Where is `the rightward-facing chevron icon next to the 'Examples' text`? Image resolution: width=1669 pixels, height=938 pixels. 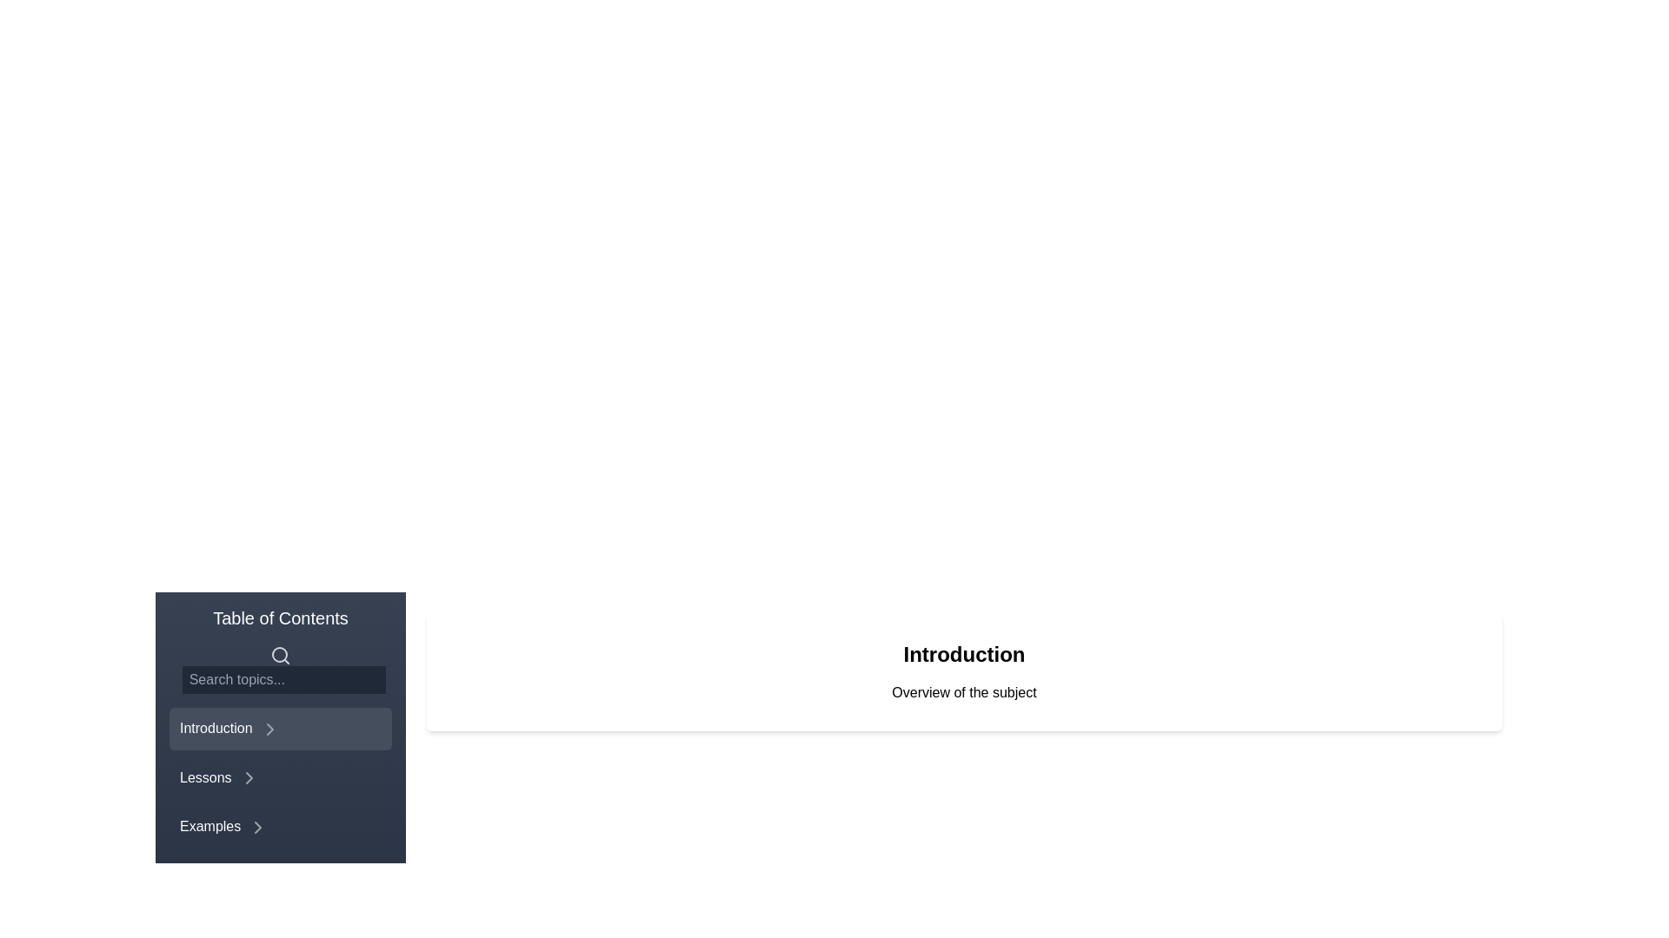 the rightward-facing chevron icon next to the 'Examples' text is located at coordinates (257, 827).